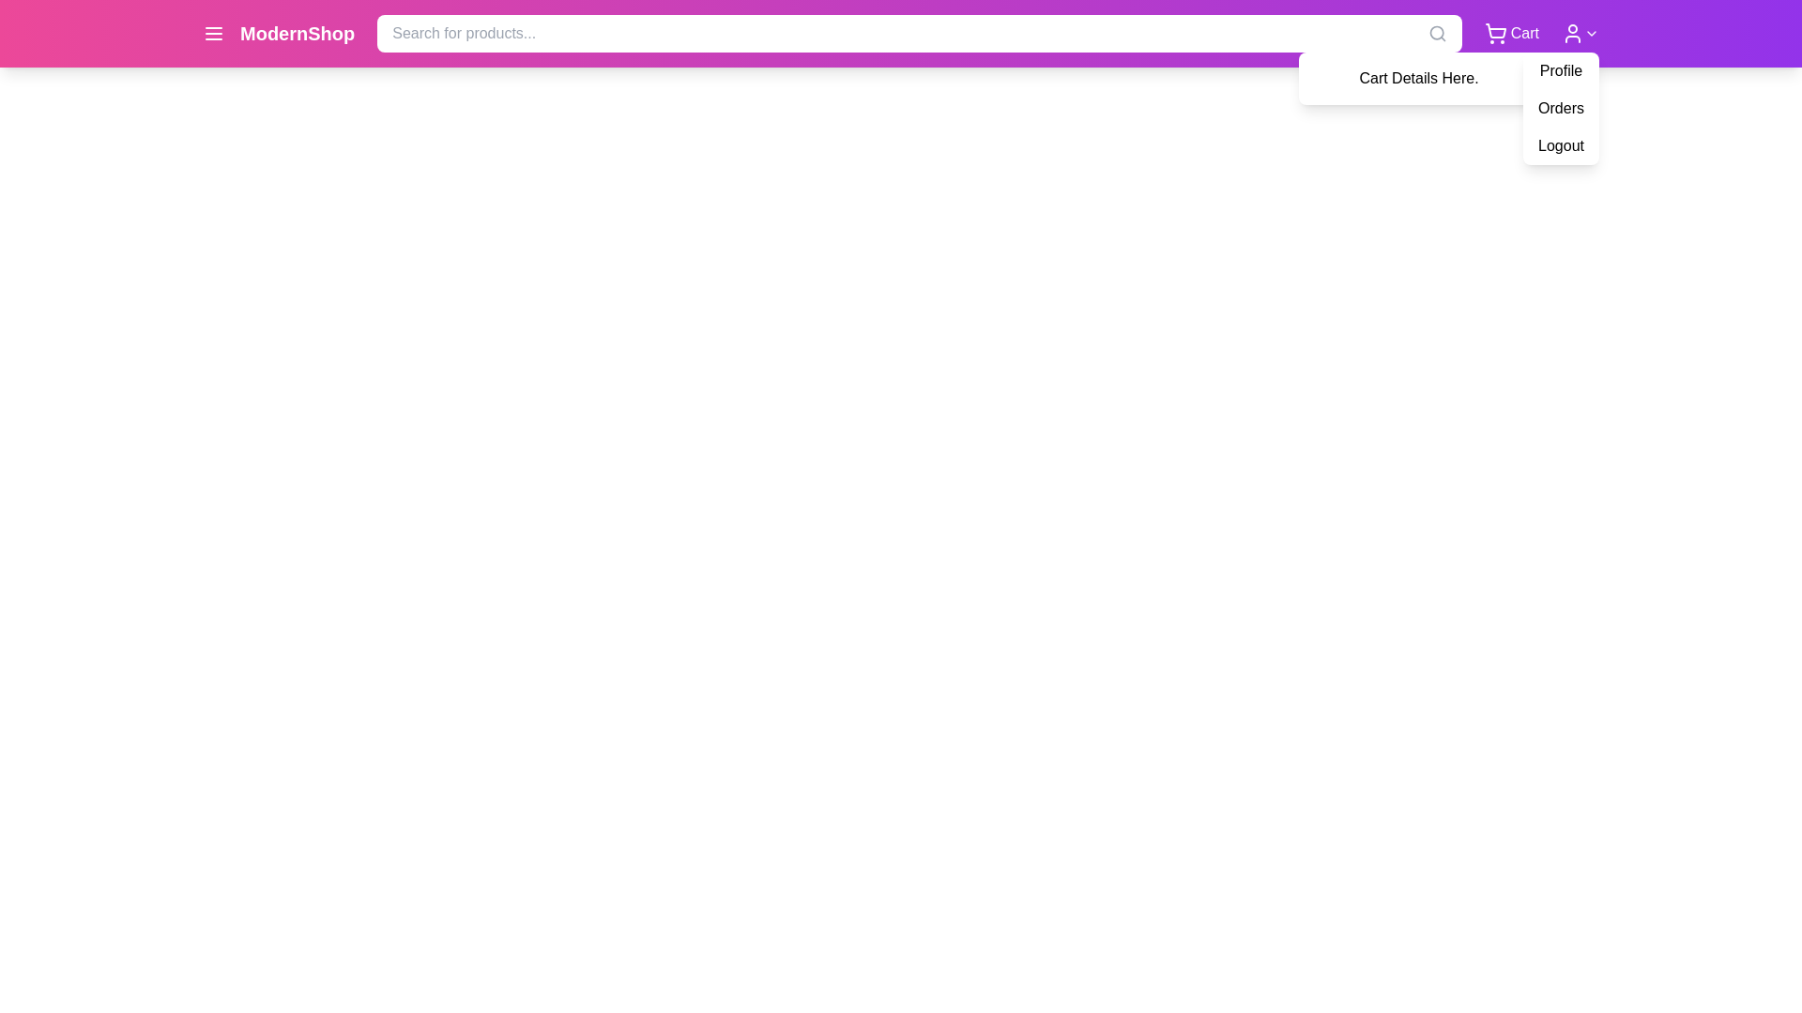 The width and height of the screenshot is (1802, 1013). I want to click on the navigation menu button located at the far left of the top header bar, directly to the left of the text 'ModernShop', so click(213, 33).